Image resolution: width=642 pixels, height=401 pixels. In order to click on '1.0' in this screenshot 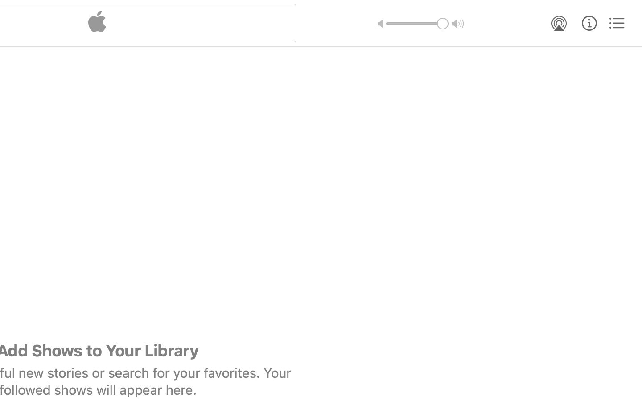, I will do `click(417, 23)`.